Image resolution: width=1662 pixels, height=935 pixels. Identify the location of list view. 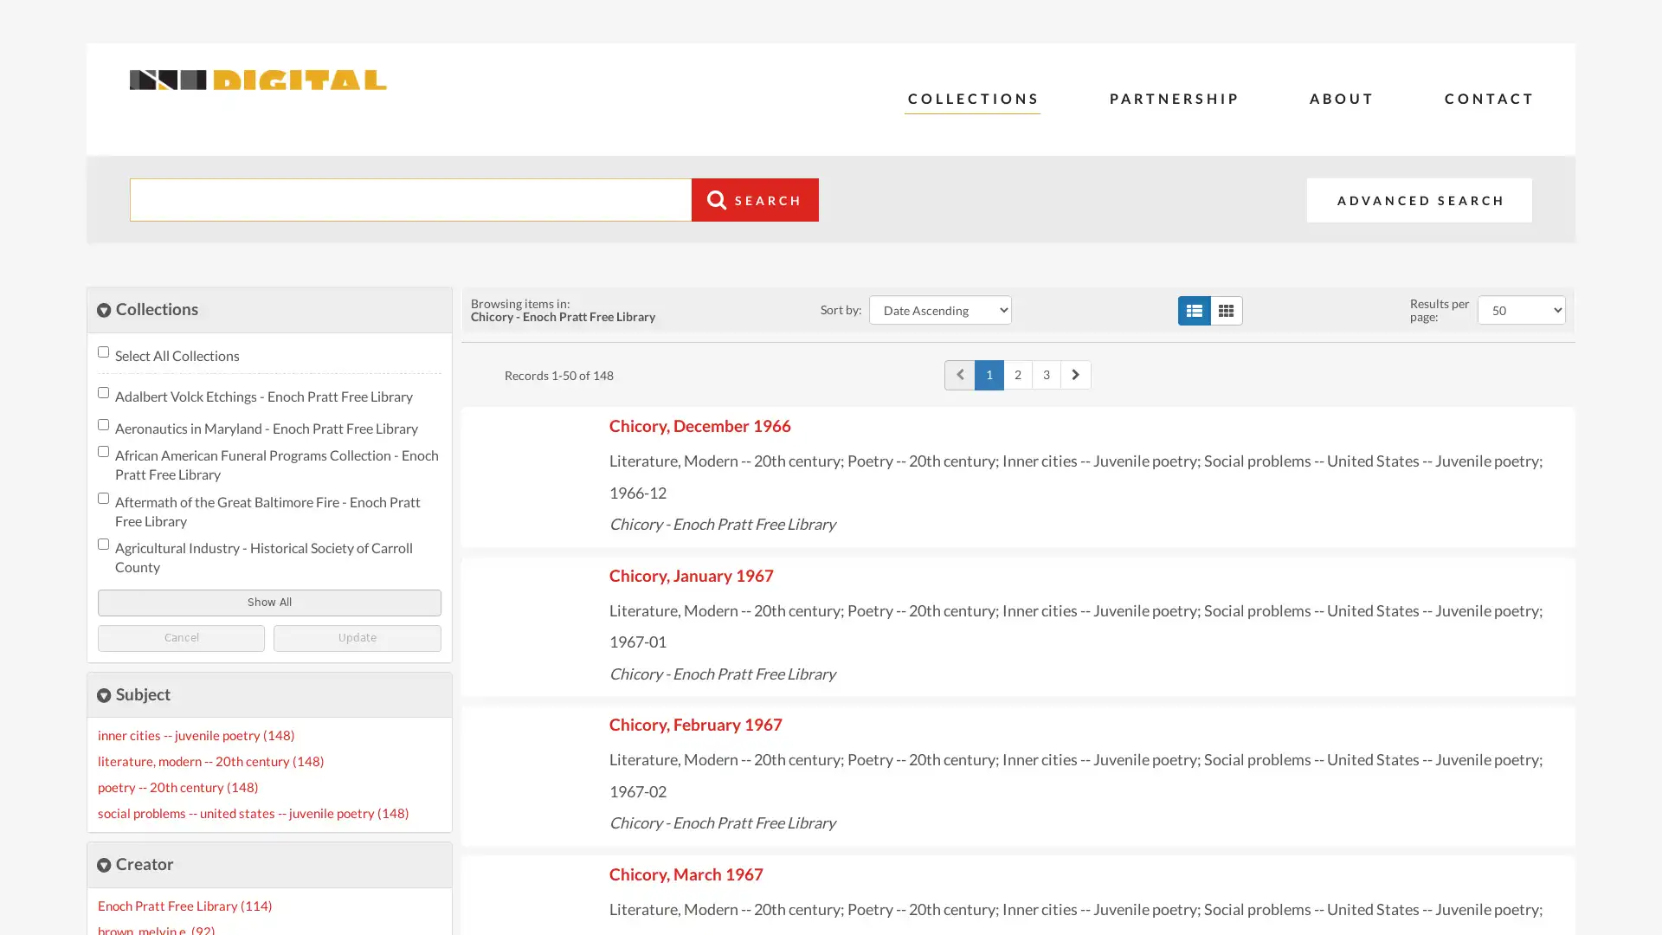
(1194, 309).